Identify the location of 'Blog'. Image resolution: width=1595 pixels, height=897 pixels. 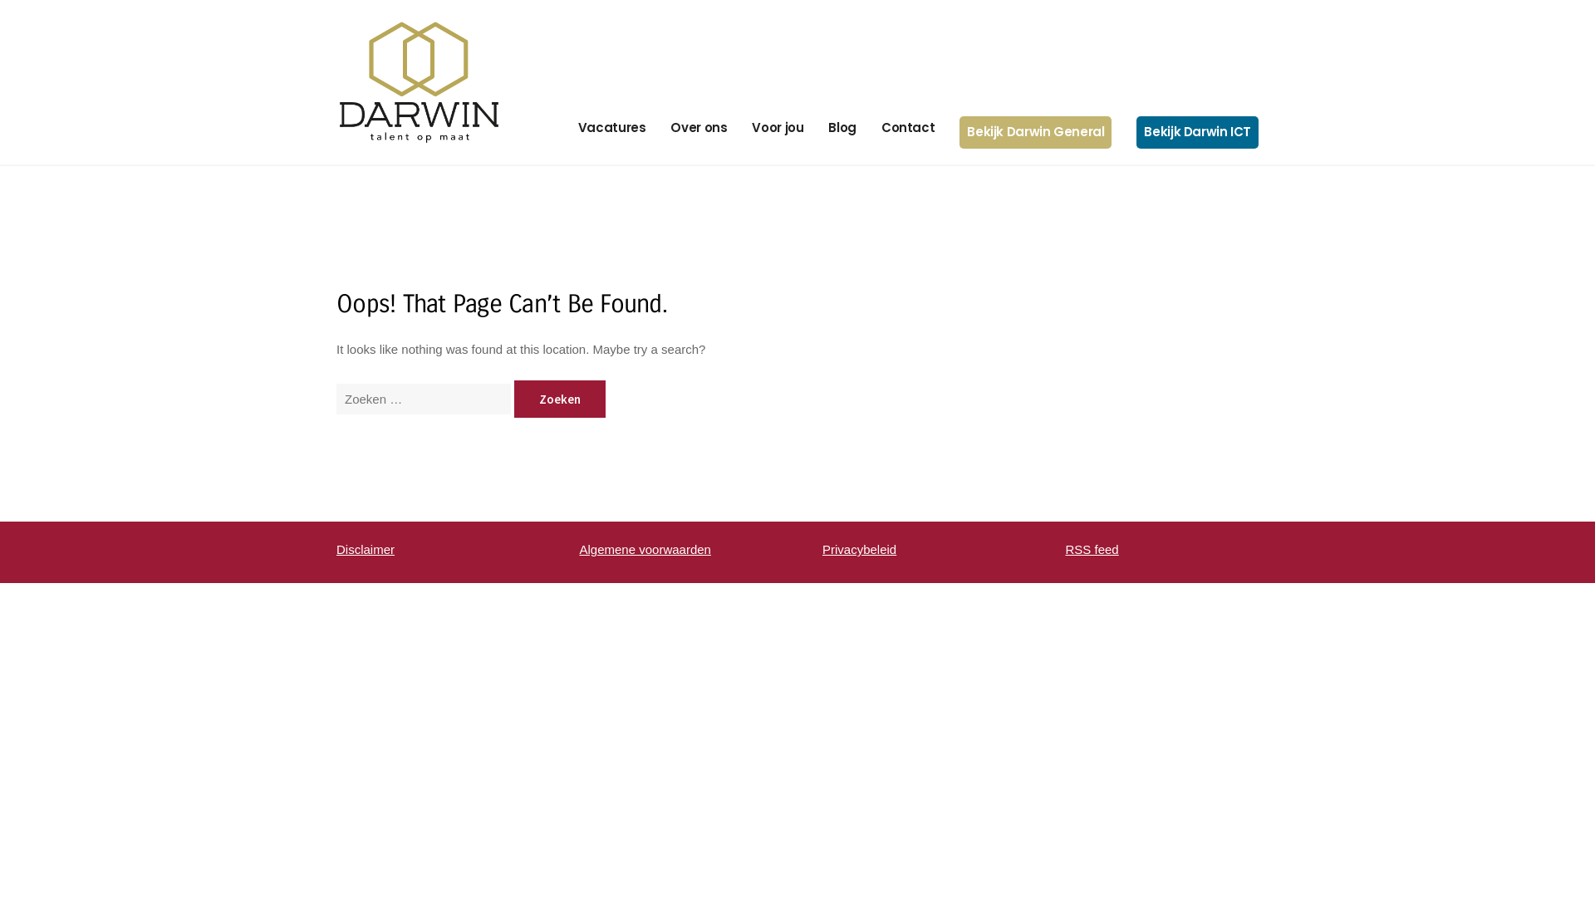
(842, 126).